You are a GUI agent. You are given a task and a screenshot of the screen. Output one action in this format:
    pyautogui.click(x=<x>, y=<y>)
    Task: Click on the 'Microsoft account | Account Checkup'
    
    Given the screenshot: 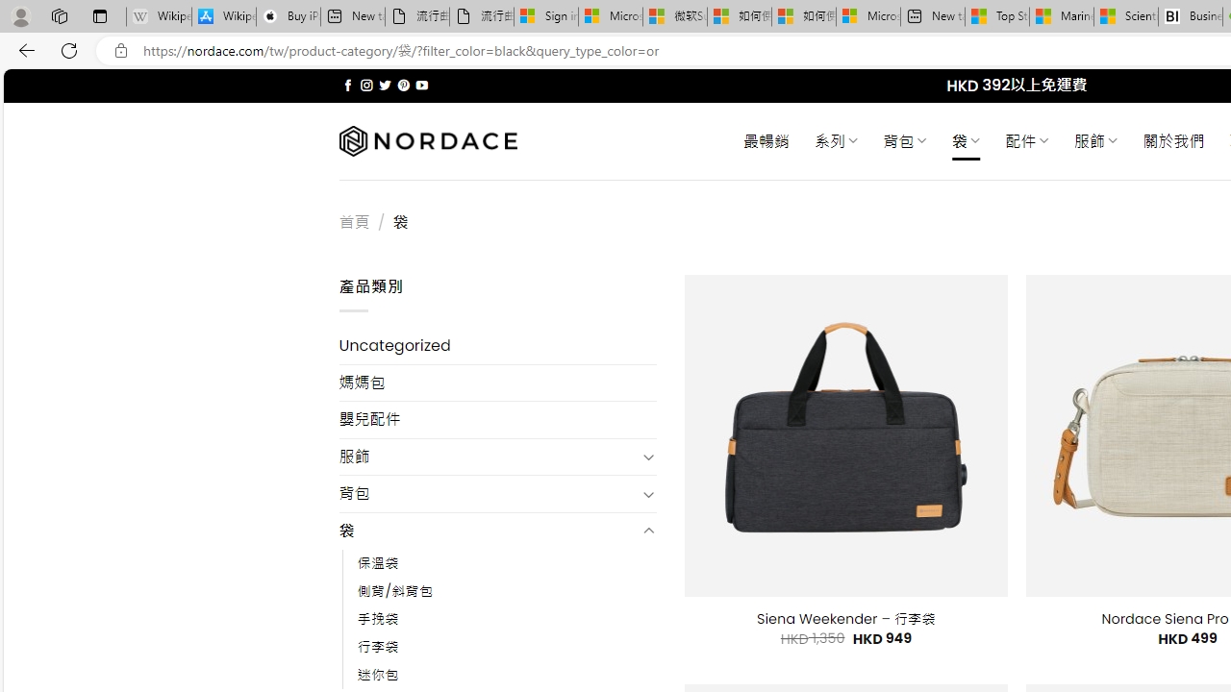 What is the action you would take?
    pyautogui.click(x=867, y=16)
    